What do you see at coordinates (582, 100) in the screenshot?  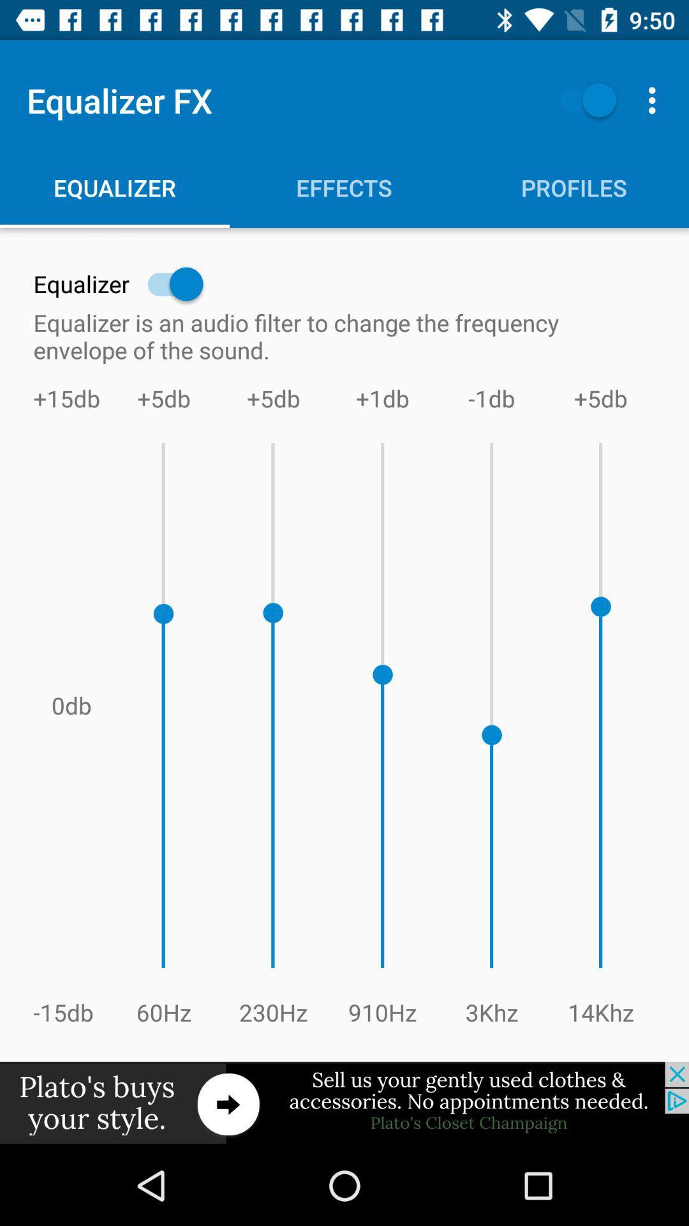 I see `turns off that sound` at bounding box center [582, 100].